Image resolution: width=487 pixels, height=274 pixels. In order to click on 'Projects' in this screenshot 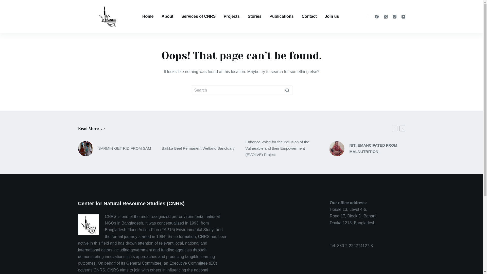, I will do `click(231, 16)`.